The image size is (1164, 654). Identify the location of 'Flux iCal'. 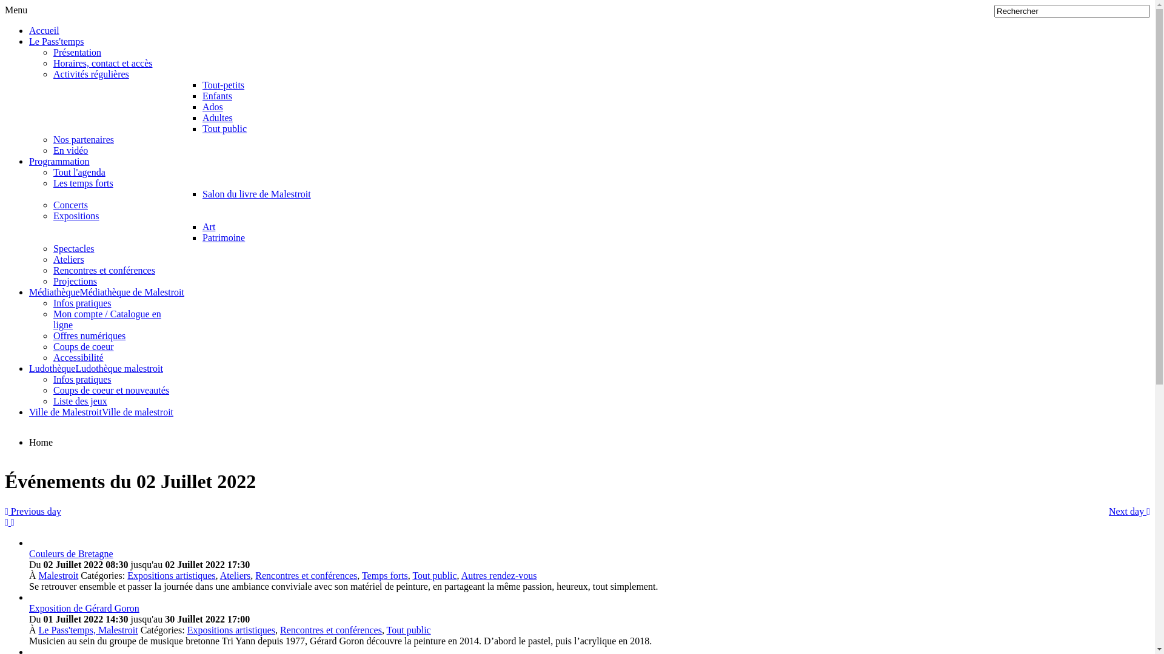
(12, 521).